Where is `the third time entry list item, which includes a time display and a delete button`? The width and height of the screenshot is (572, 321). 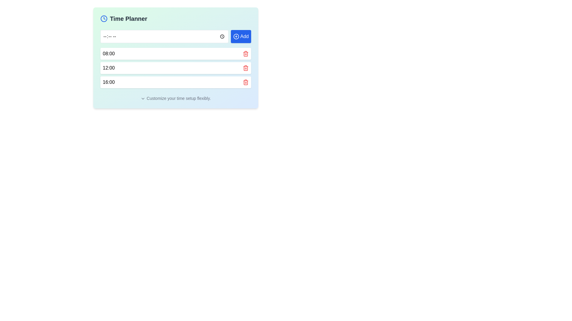 the third time entry list item, which includes a time display and a delete button is located at coordinates (175, 82).